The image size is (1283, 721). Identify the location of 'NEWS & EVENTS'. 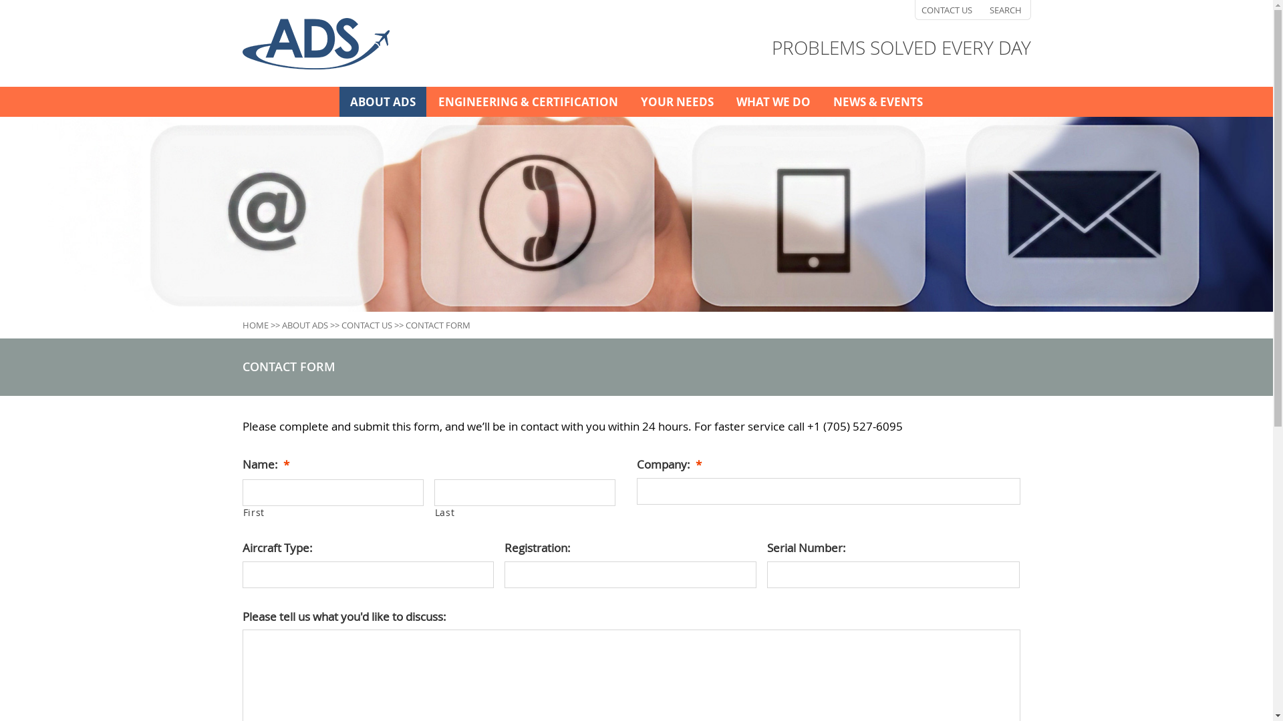
(821, 101).